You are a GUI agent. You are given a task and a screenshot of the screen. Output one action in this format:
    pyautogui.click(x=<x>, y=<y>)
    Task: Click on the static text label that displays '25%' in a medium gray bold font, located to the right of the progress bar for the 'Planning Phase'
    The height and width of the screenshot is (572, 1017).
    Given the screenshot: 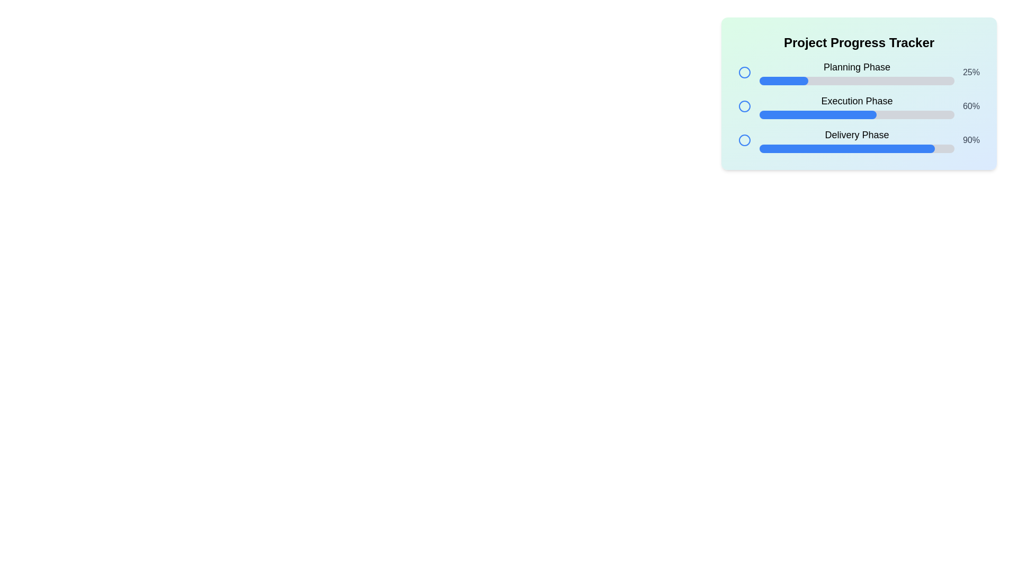 What is the action you would take?
    pyautogui.click(x=971, y=72)
    